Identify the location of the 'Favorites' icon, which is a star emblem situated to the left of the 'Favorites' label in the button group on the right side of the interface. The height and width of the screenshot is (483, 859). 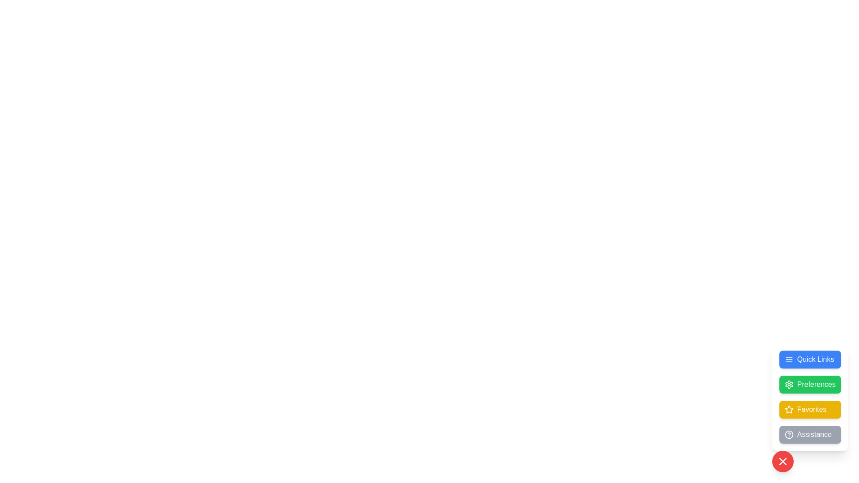
(789, 409).